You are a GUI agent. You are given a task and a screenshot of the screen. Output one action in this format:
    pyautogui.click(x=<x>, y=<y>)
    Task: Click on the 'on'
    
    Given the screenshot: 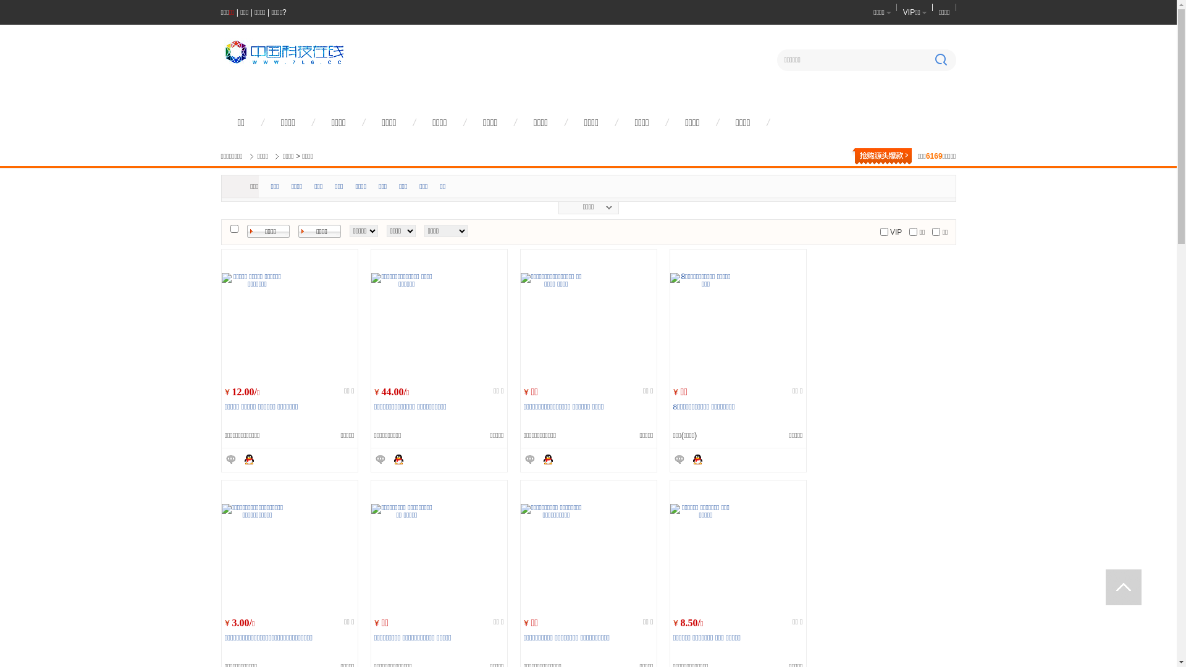 What is the action you would take?
    pyautogui.click(x=913, y=232)
    